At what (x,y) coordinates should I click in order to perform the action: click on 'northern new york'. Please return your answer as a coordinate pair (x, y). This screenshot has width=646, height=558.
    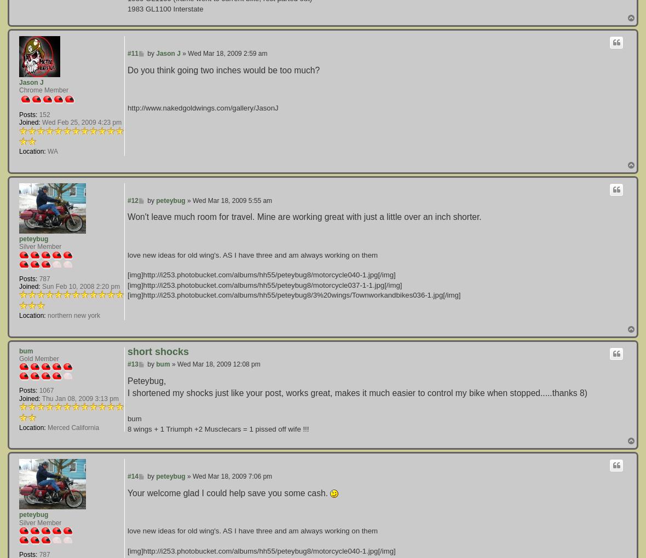
    Looking at the image, I should click on (72, 316).